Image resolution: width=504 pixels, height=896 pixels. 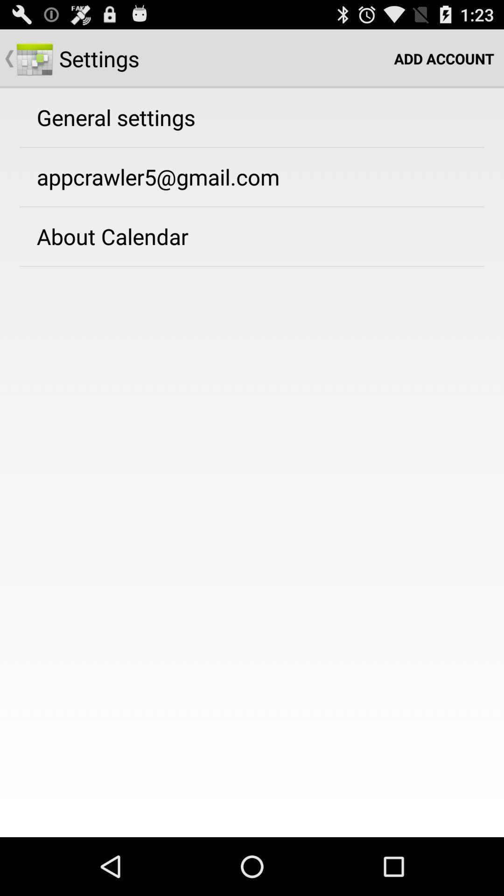 I want to click on the icon at the top right corner, so click(x=443, y=58).